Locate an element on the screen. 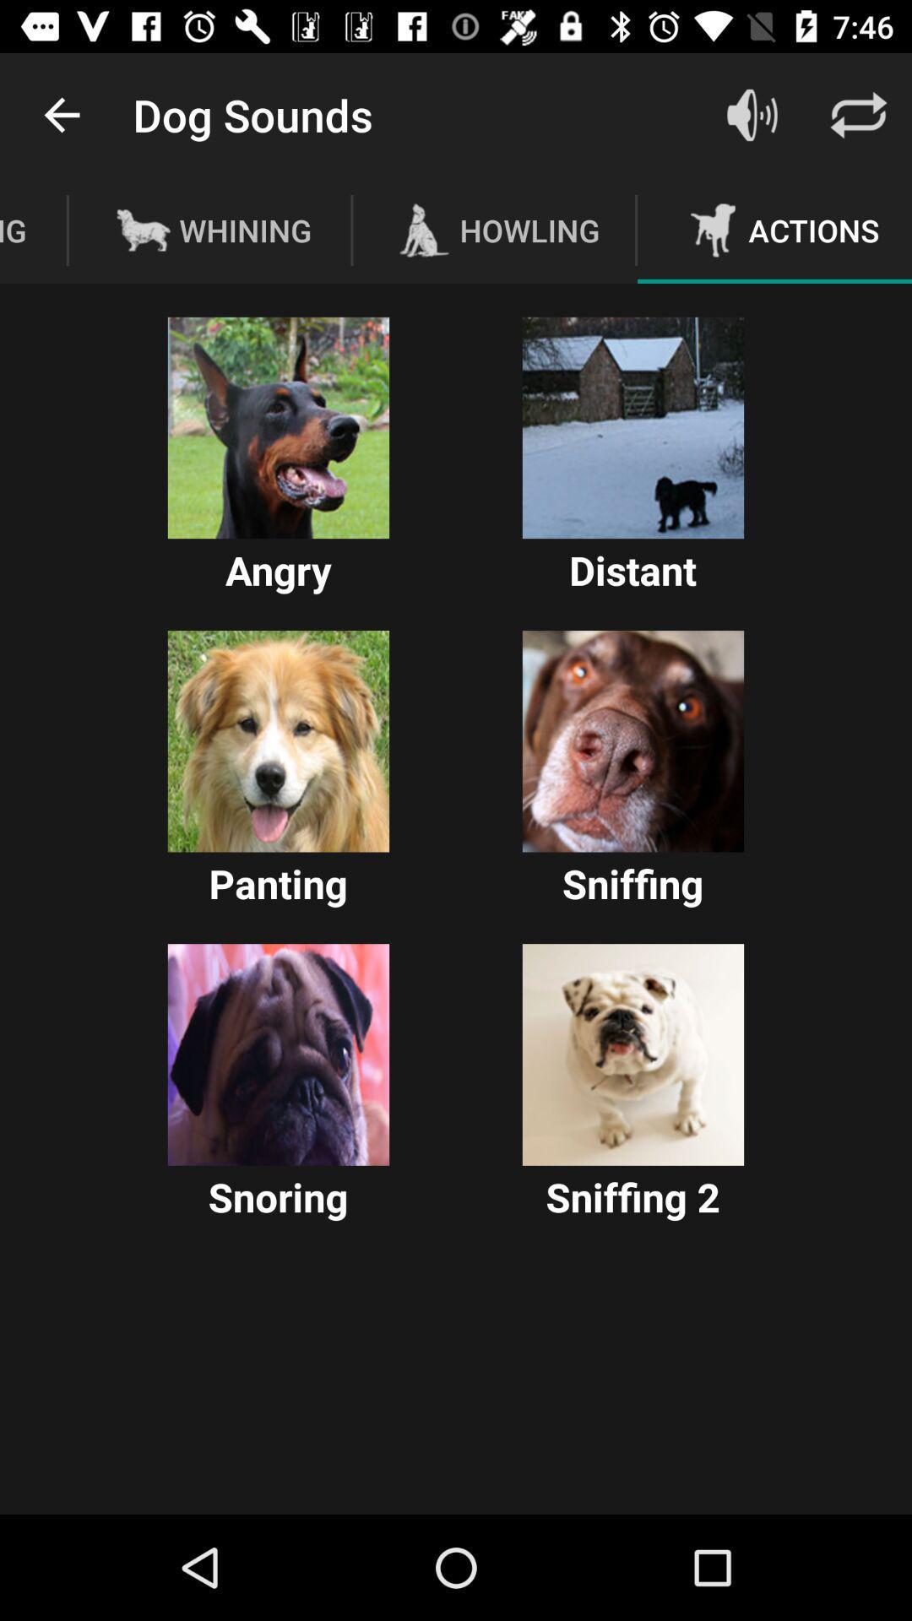 This screenshot has height=1621, width=912. the logo of howling is located at coordinates (423, 230).